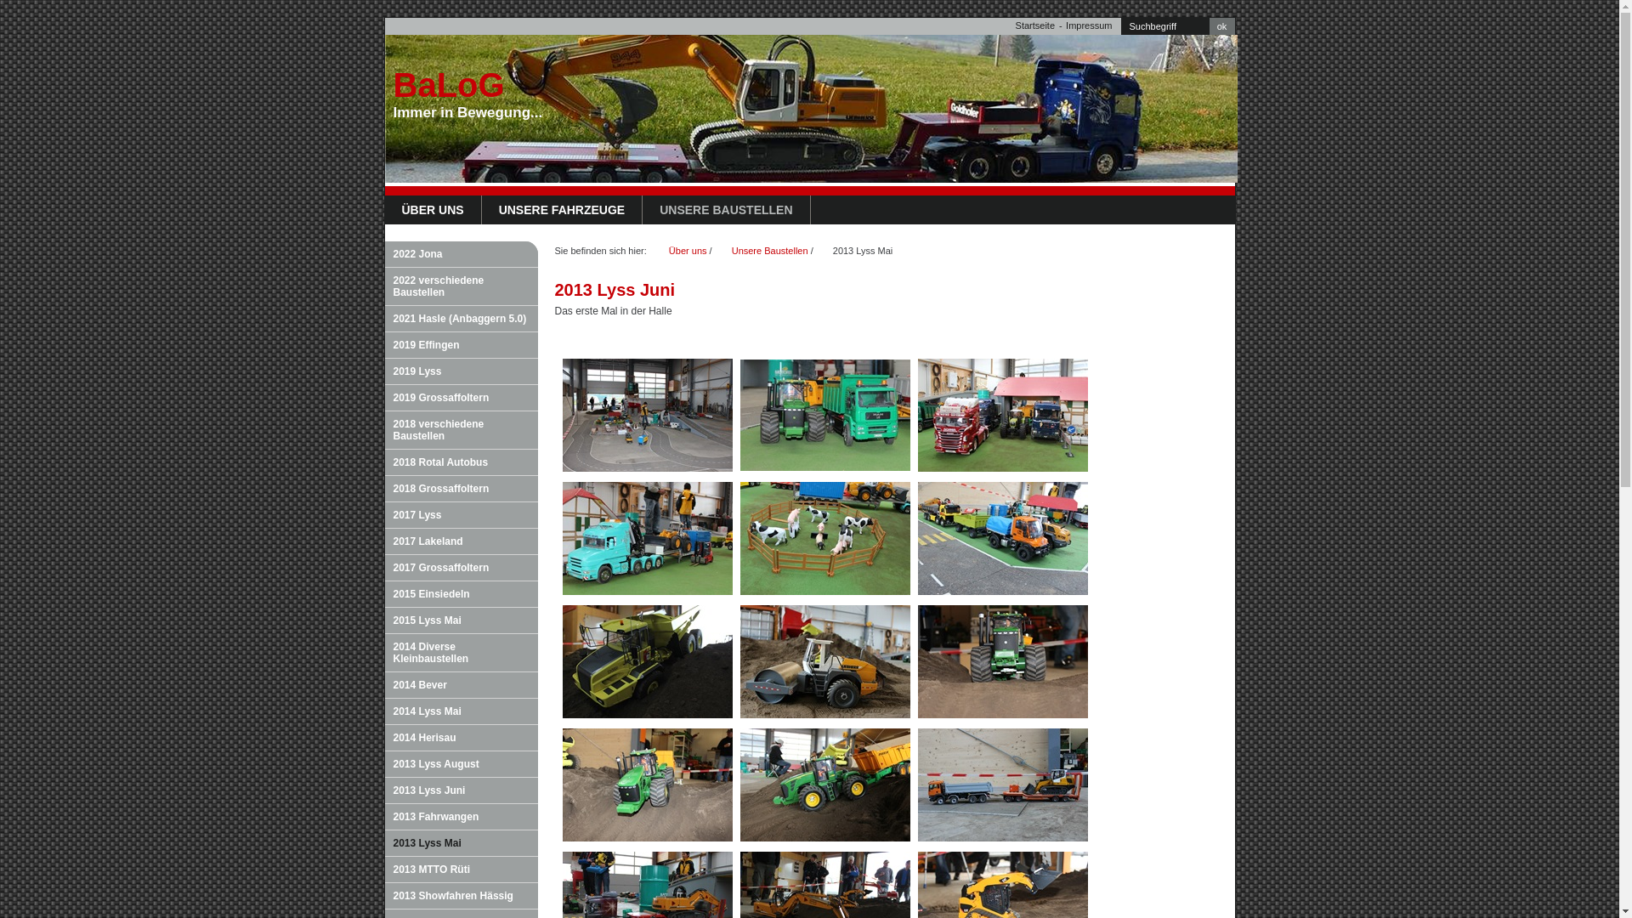  Describe the element at coordinates (382, 593) in the screenshot. I see `'2015 Einsiedeln'` at that location.